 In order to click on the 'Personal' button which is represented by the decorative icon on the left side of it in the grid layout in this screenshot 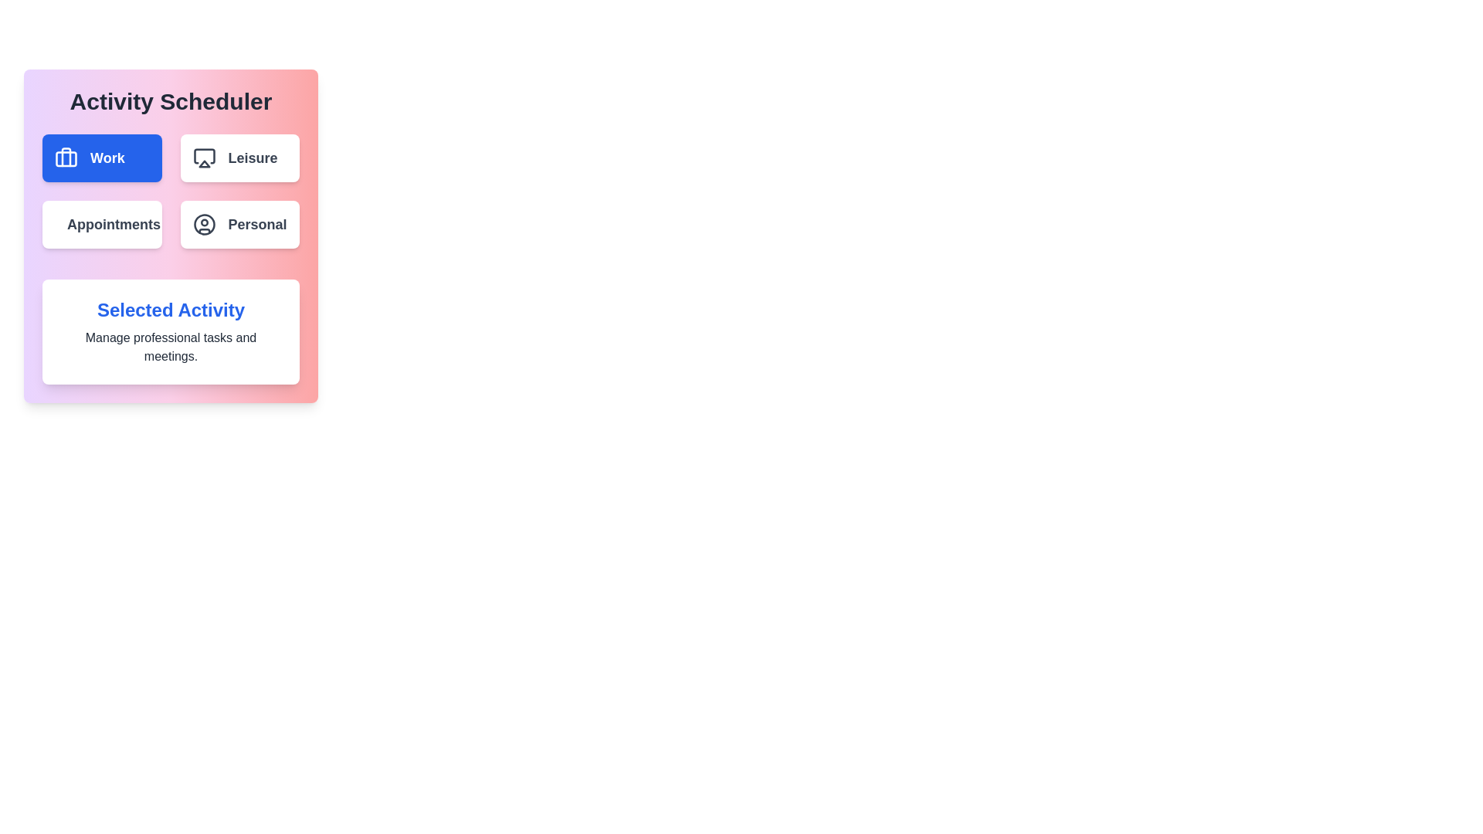, I will do `click(203, 224)`.